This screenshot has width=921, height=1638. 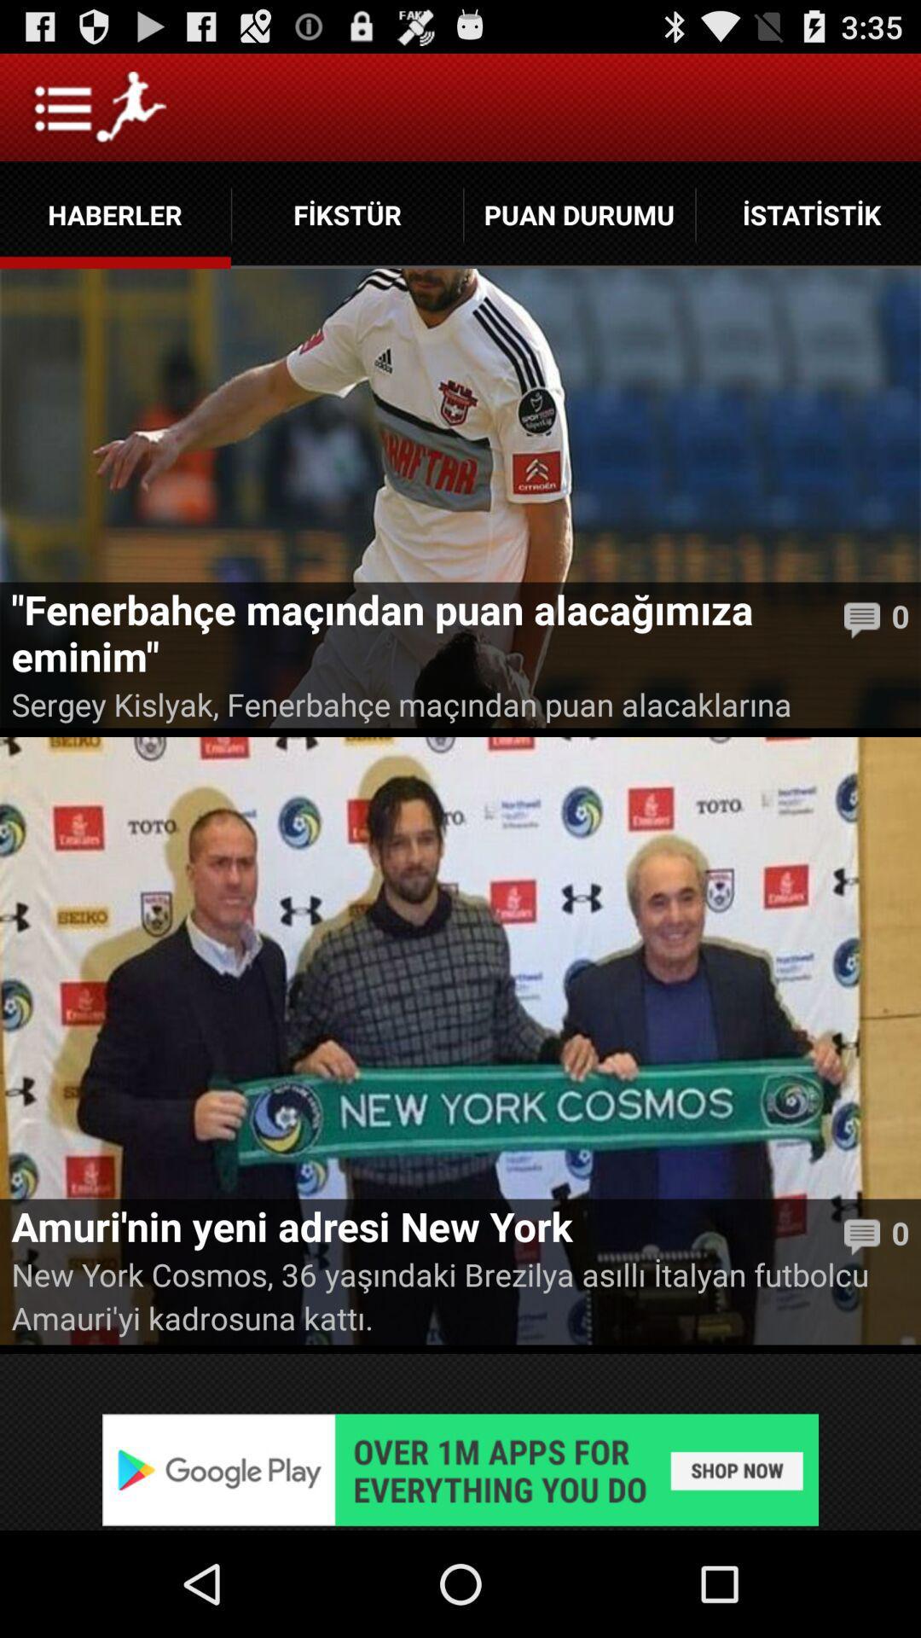 I want to click on advertisement, so click(x=460, y=1469).